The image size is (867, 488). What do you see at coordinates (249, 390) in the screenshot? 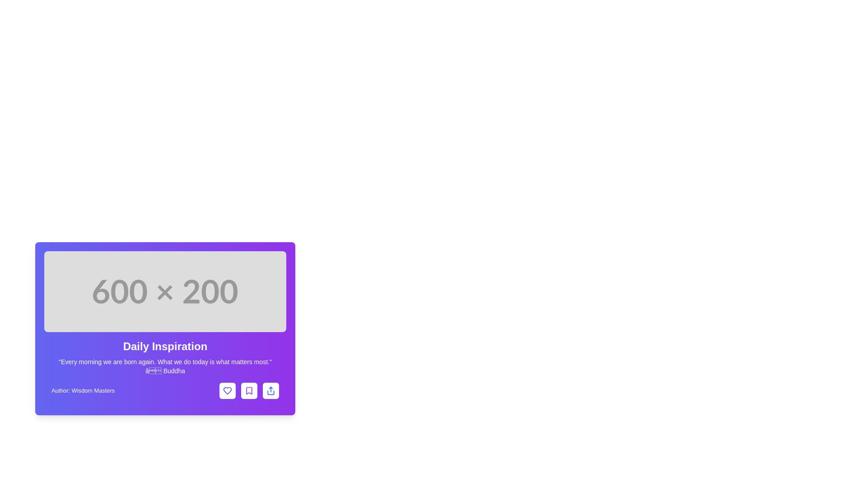
I see `the bookmark button located at the bottom-right section of the interface card, which is the second button following the text 'Author: Wisdom Masters', to bookmark the item` at bounding box center [249, 390].